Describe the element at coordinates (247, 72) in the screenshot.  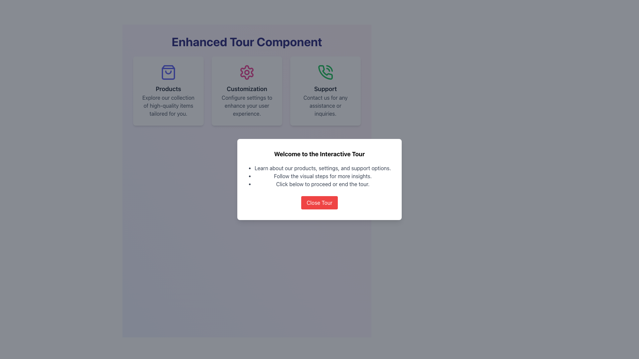
I see `the decorative graphical component within the gear-like customization SVG icon, which is centrally positioned in the top section of the interface` at that location.